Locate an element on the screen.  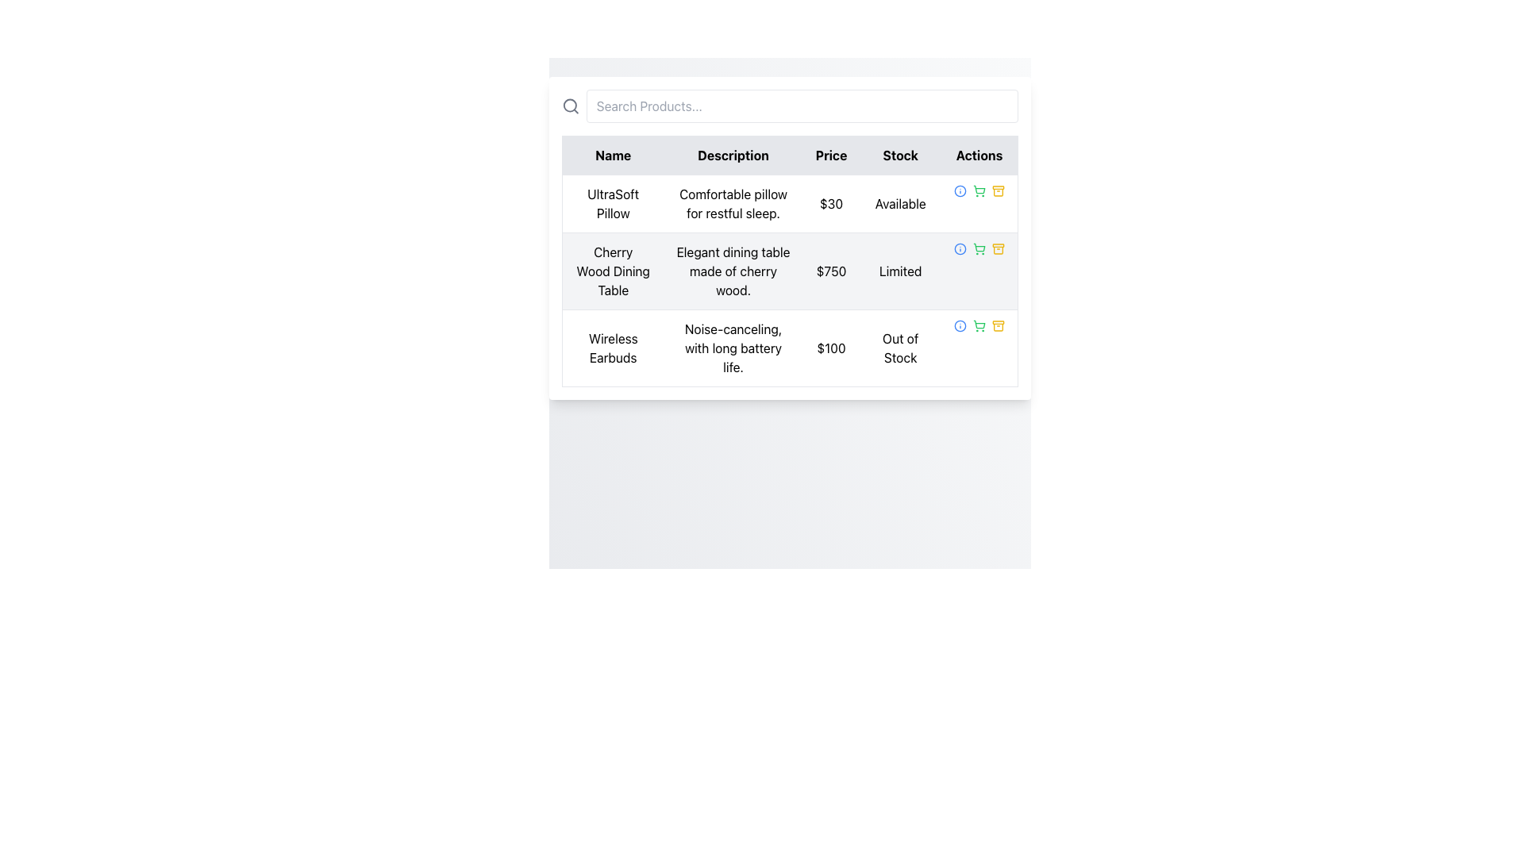
the static text label indicating the stock status of 'UltraSoft Pillow' which shows 'Available' in the 'Stock' column of the table is located at coordinates (900, 203).